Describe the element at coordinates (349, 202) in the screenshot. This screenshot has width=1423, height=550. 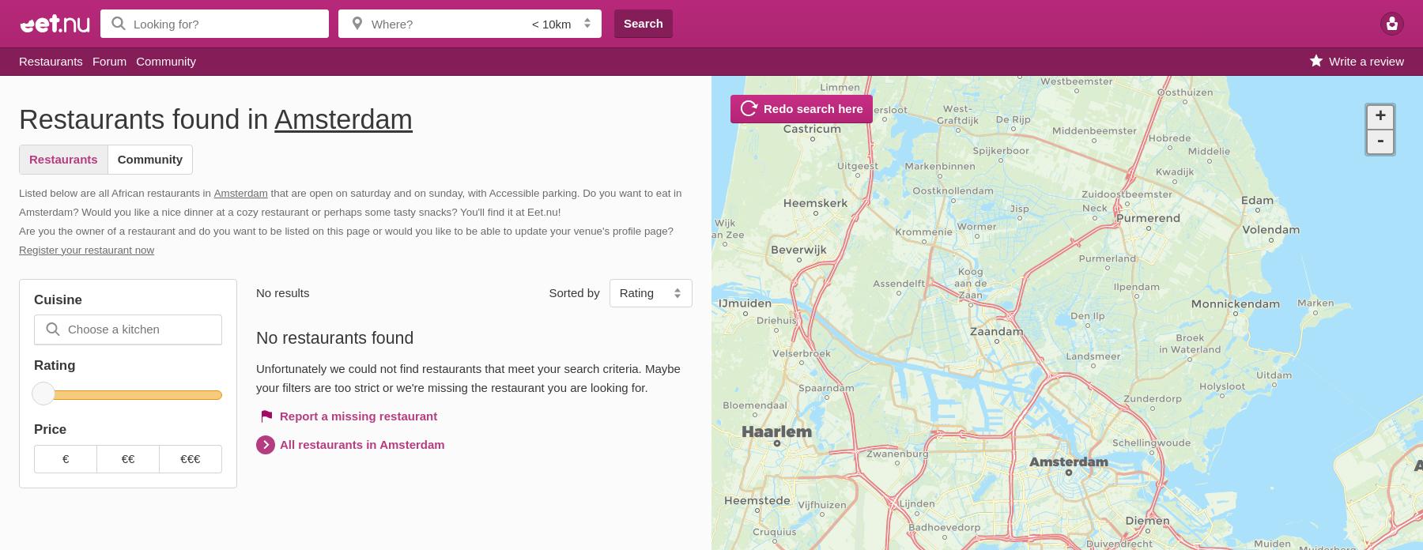
I see `'that are open on saturday and on sunday, with Accessible parking. Do you want to eat in Amsterdam?  Would you like a nice dinner at a cozy restaurant or perhaps some tasty snacks? You'll find it at Eet.nu!'` at that location.